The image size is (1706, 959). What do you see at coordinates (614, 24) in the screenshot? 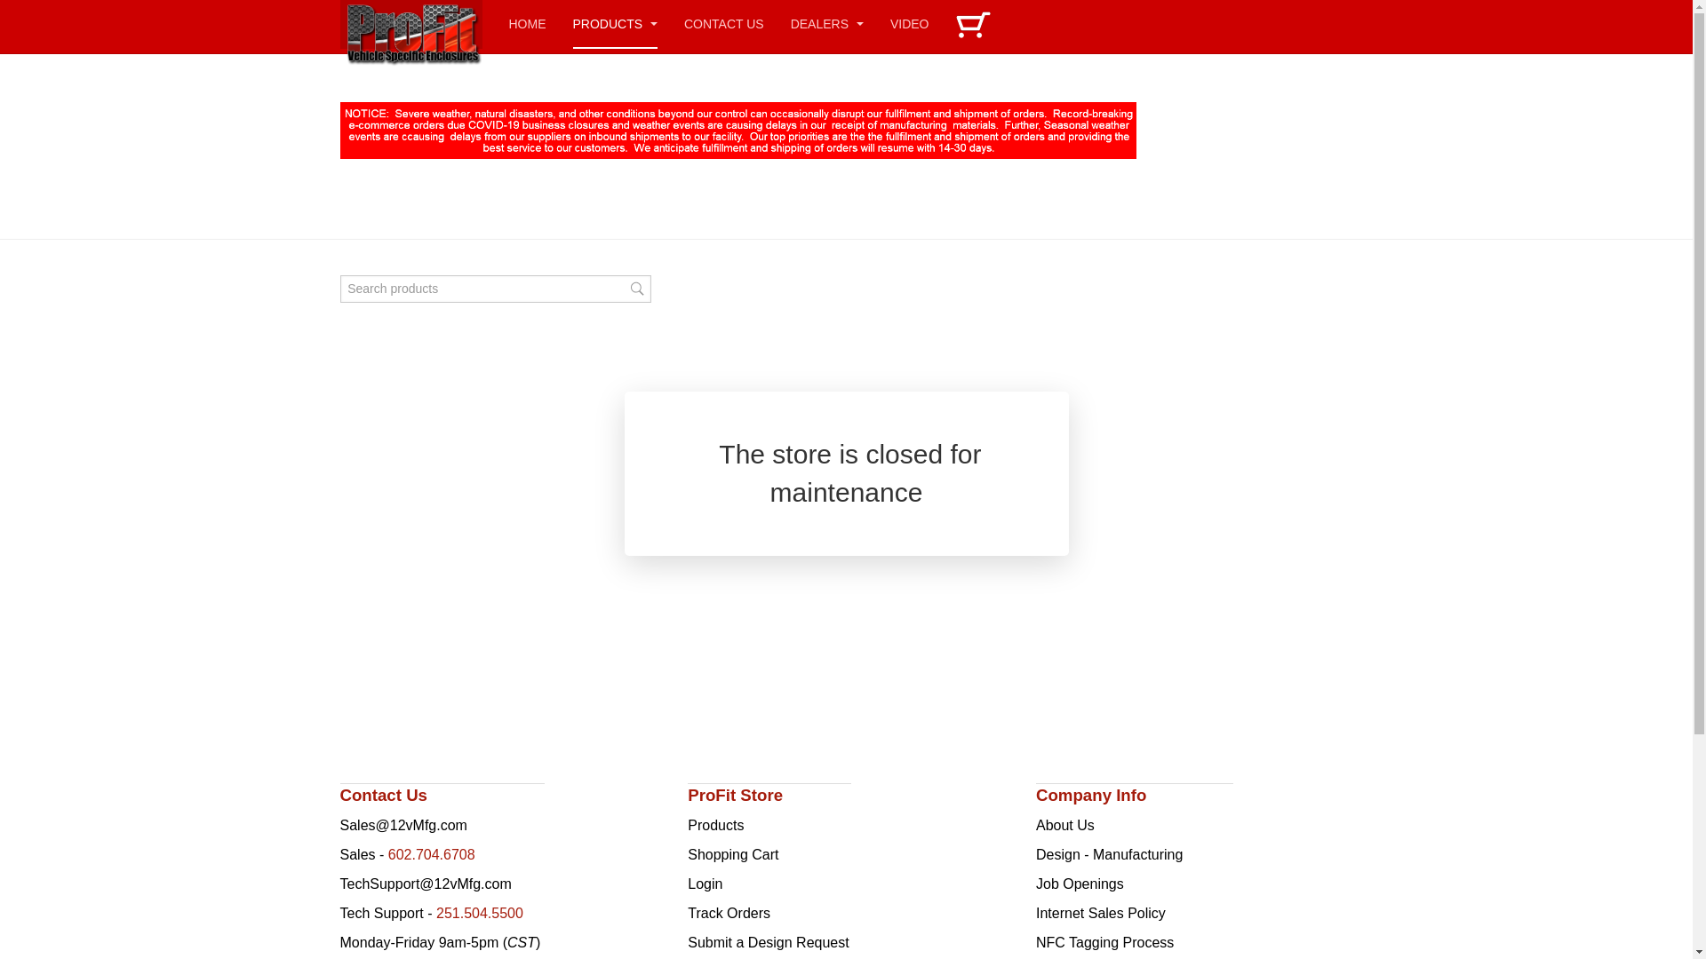
I see `'PRODUCTS'` at bounding box center [614, 24].